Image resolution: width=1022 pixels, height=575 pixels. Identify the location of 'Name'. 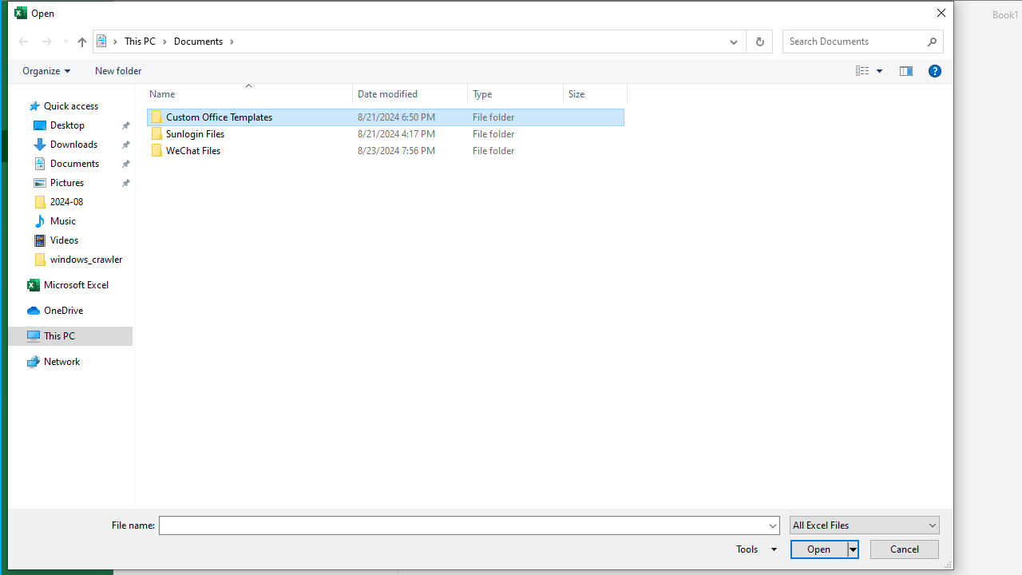
(243, 93).